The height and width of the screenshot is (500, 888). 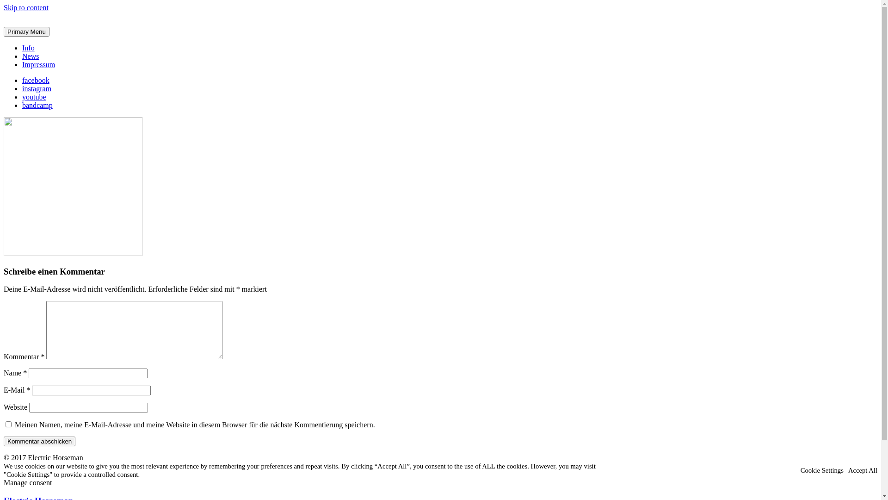 What do you see at coordinates (862, 470) in the screenshot?
I see `'Accept All'` at bounding box center [862, 470].